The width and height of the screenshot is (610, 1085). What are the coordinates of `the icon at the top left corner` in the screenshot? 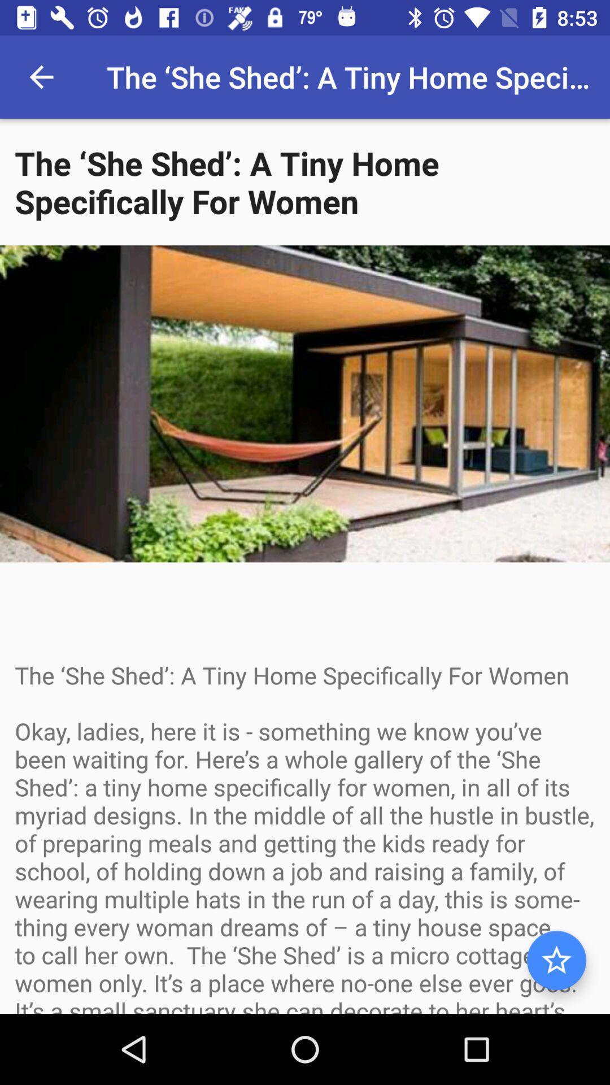 It's located at (41, 76).